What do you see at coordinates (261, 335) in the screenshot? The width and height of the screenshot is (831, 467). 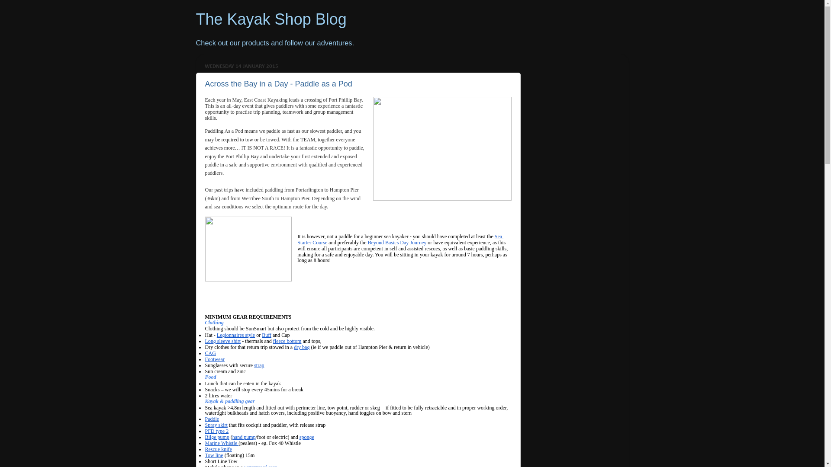 I see `'Buff'` at bounding box center [261, 335].